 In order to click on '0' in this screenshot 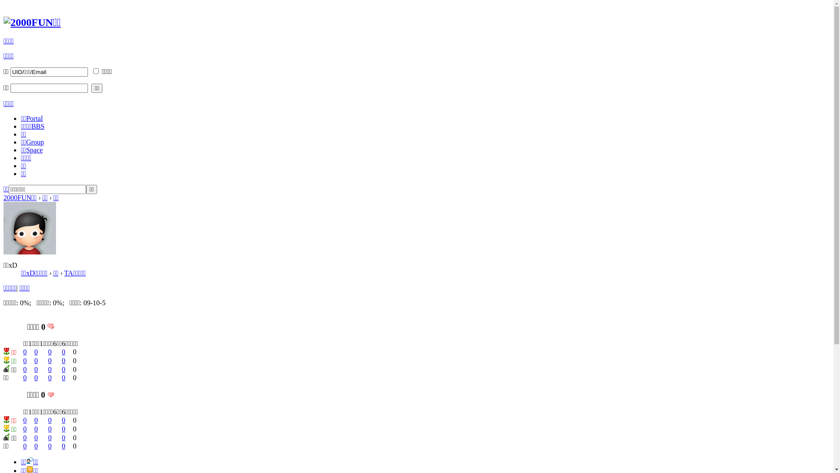, I will do `click(35, 369)`.